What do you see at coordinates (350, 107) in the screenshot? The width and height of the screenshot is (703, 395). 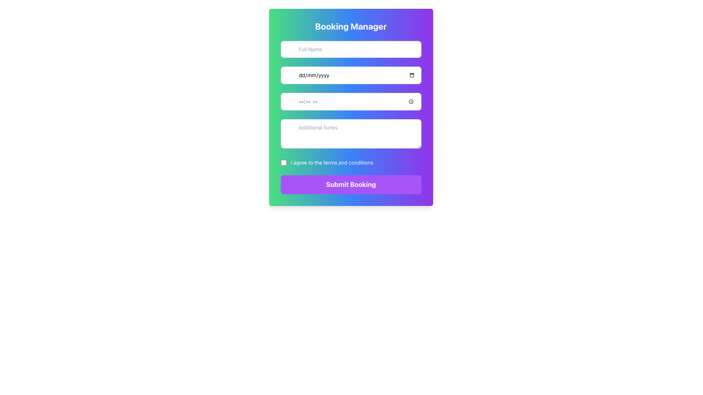 I see `the third Text Input Field, which is styled with light borders, rounded corners, and contains a clock icon on the right` at bounding box center [350, 107].